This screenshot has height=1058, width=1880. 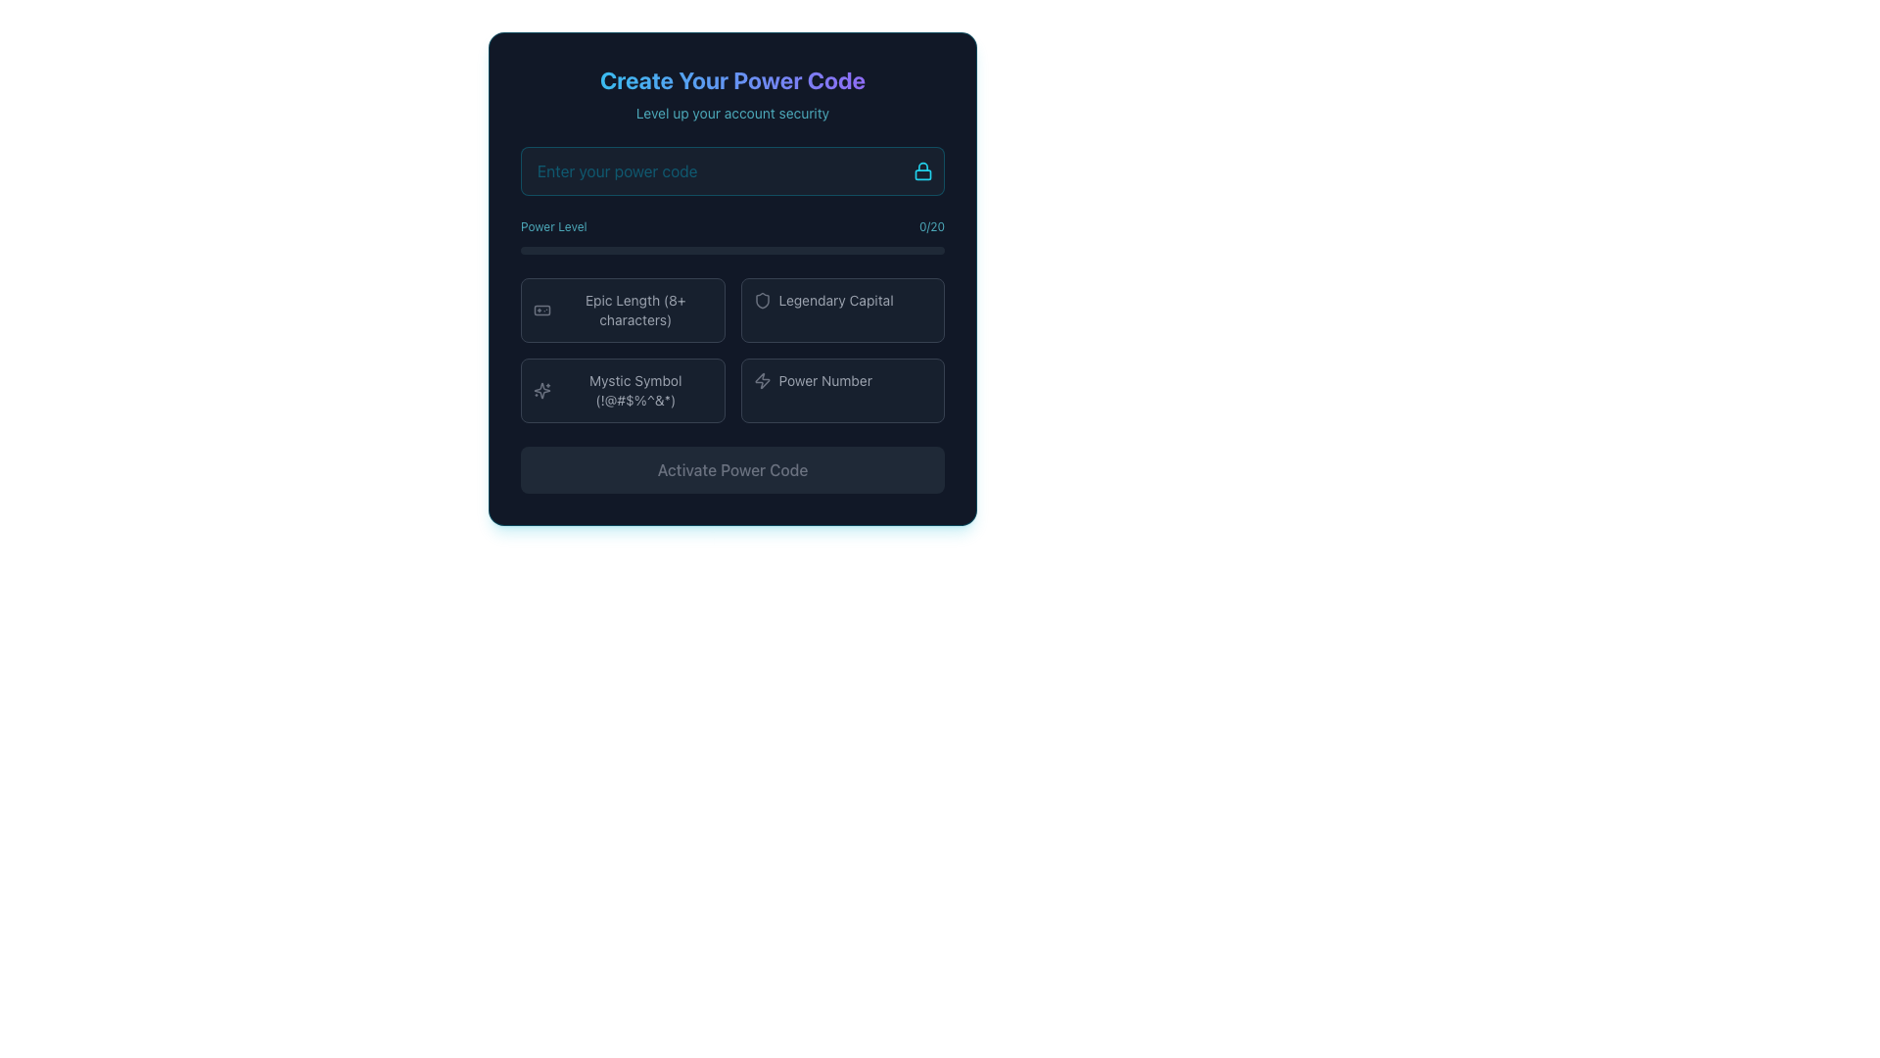 What do you see at coordinates (622, 390) in the screenshot?
I see `the informational label with an icon styled as an option located in the third quadrant of the central panel, specifically in the second row, first column, which groups related information` at bounding box center [622, 390].